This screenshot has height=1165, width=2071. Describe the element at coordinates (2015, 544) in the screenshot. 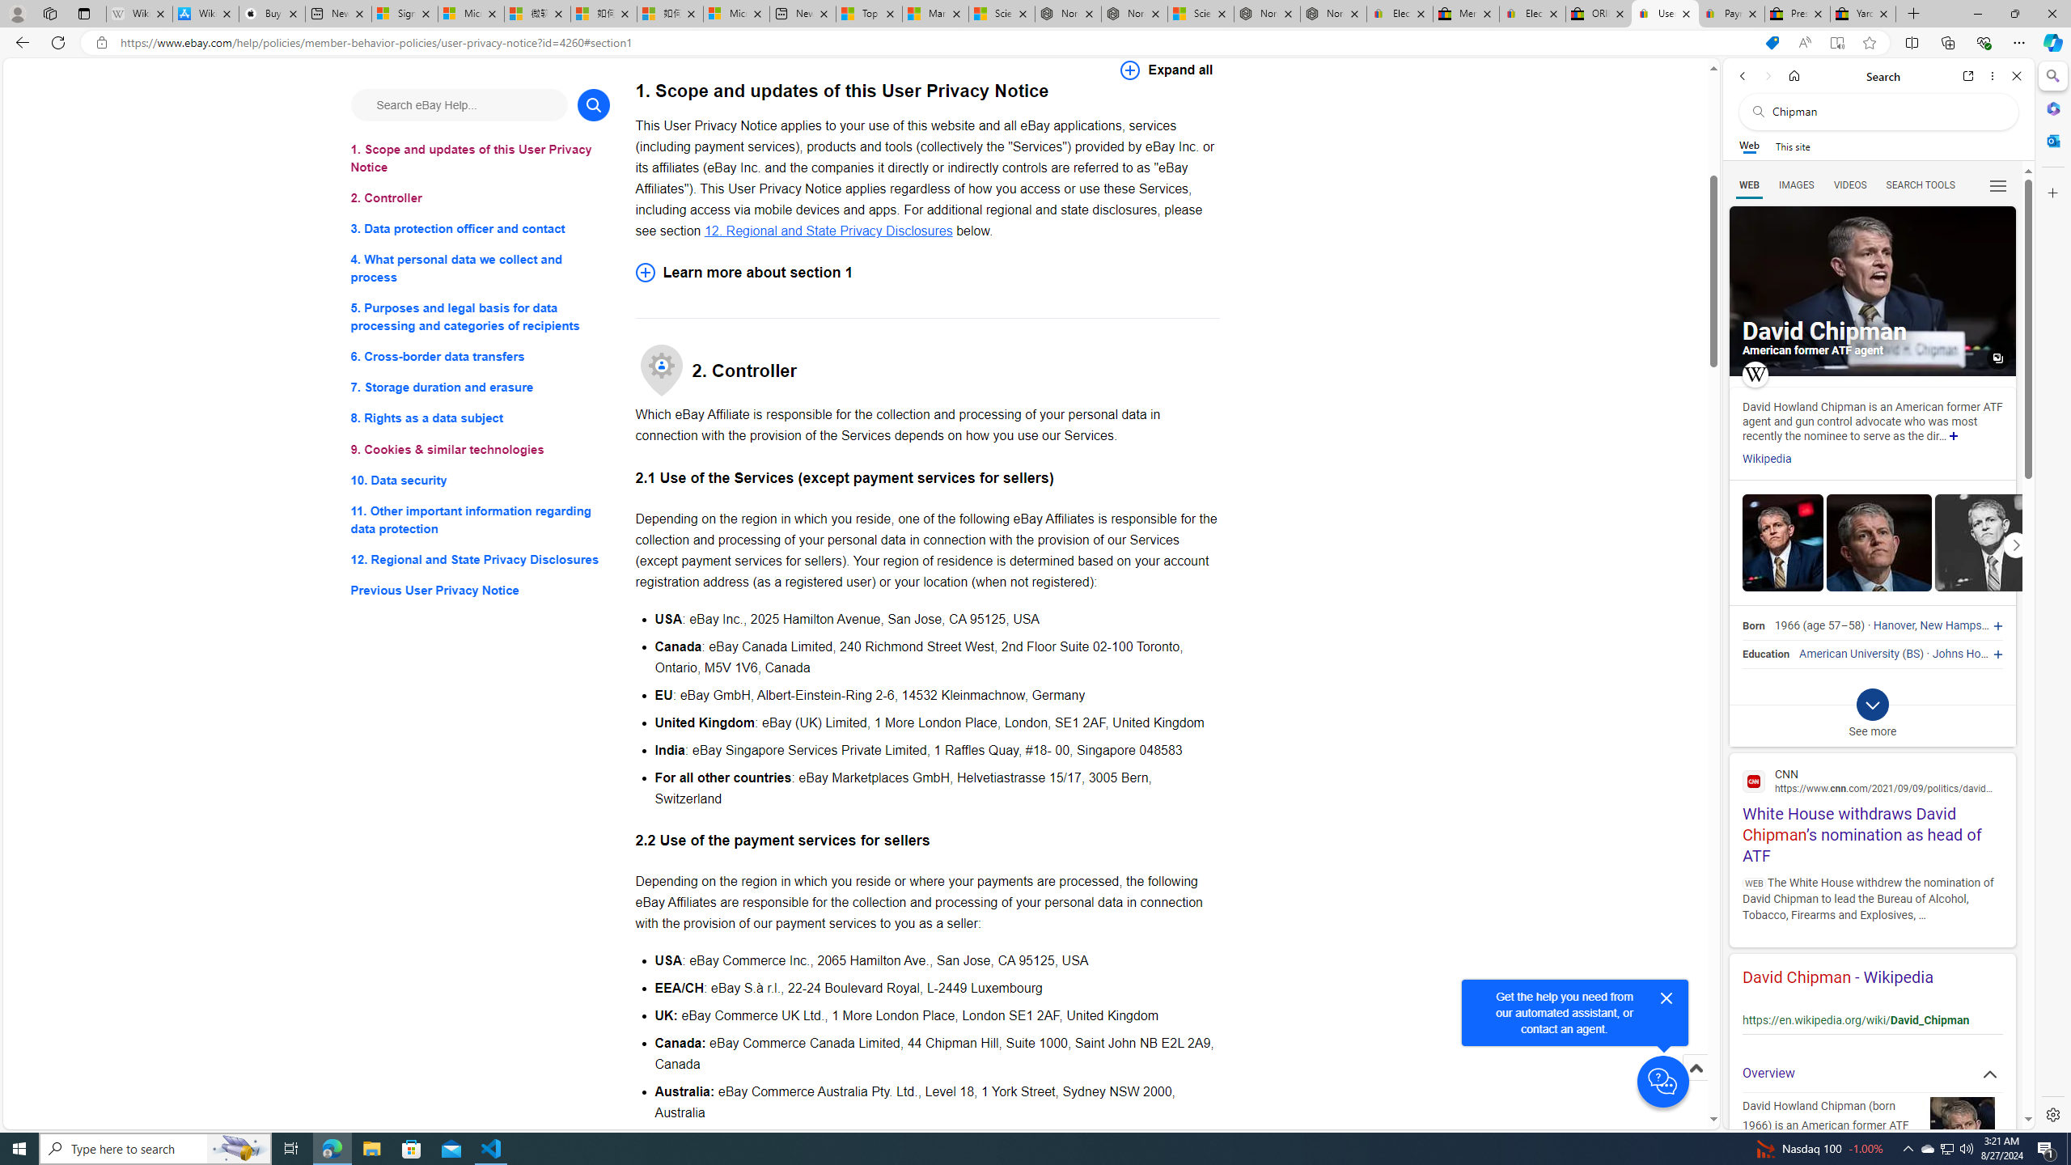

I see `'Click to scroll right'` at that location.